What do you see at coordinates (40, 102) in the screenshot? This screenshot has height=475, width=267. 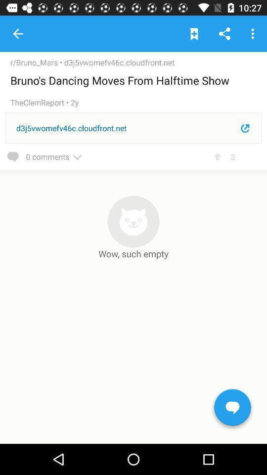 I see `the icon next to the 2y` at bounding box center [40, 102].